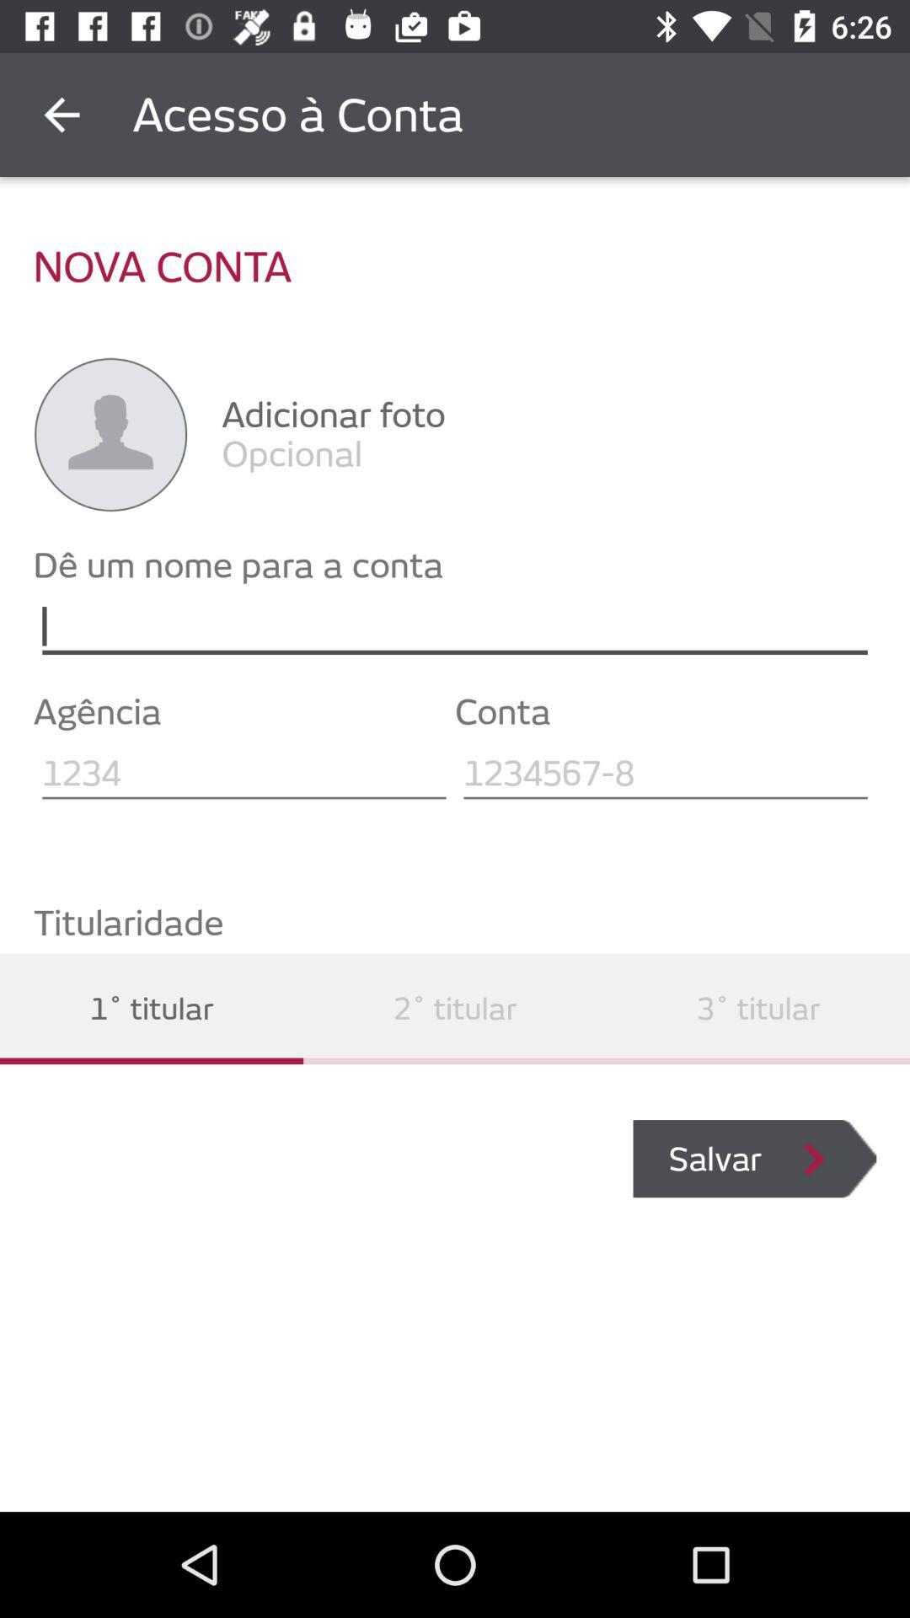 This screenshot has height=1618, width=910. What do you see at coordinates (61, 114) in the screenshot?
I see `the item above the nova conta` at bounding box center [61, 114].